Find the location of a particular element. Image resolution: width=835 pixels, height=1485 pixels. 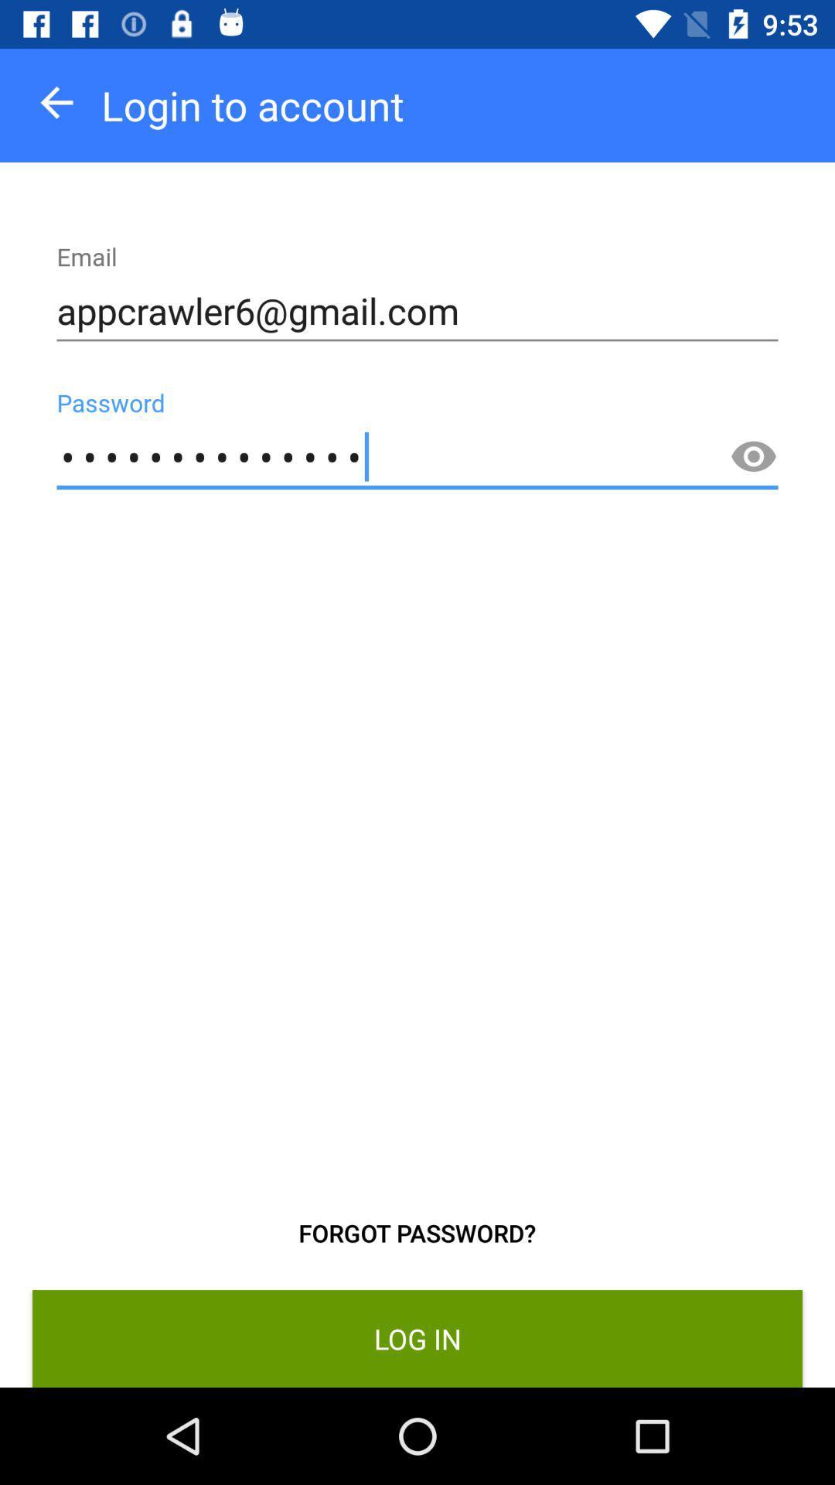

the log in item is located at coordinates (417, 1338).